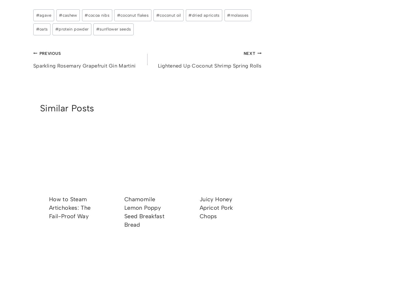 The image size is (414, 288). I want to click on 'Similar Posts', so click(67, 108).